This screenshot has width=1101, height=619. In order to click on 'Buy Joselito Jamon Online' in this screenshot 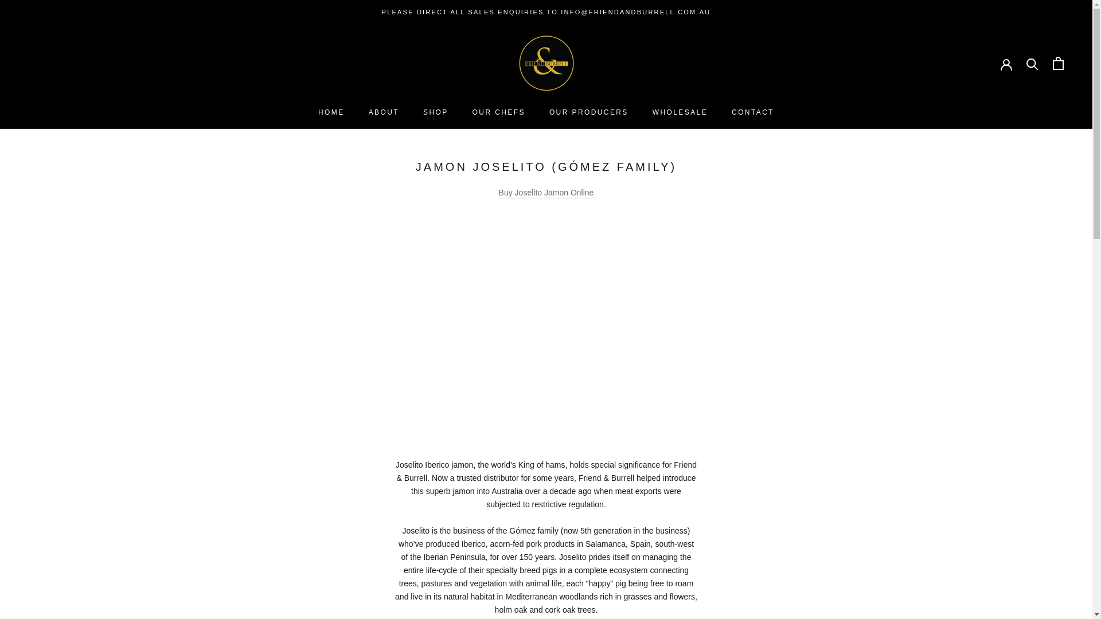, I will do `click(546, 191)`.